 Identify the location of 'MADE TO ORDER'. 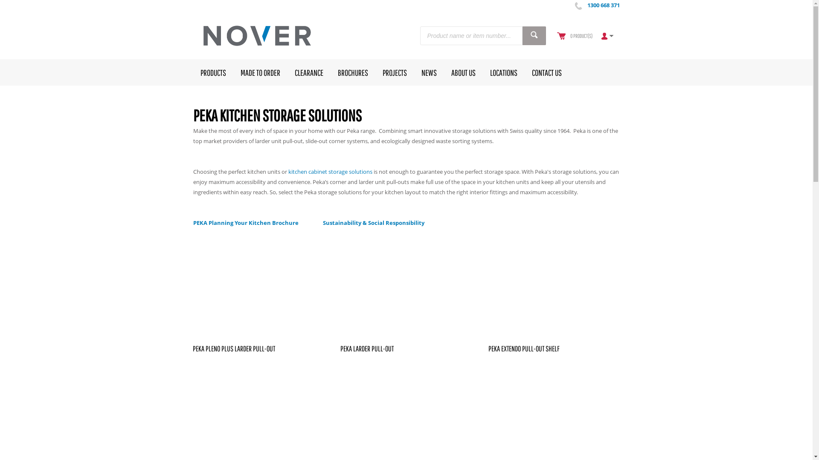
(233, 72).